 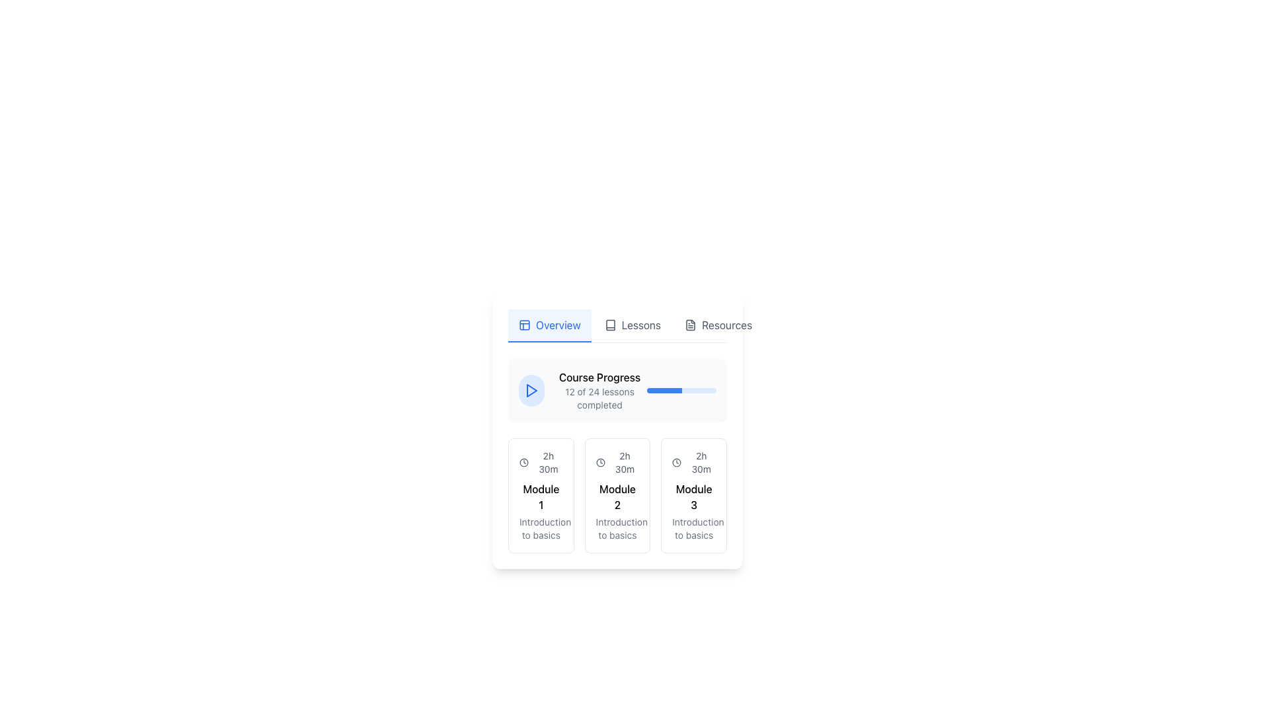 I want to click on decorative or informative clock icon located in the lower section of the 'Module 3' card, specifically in the third column from the left among similar icons, so click(x=677, y=461).